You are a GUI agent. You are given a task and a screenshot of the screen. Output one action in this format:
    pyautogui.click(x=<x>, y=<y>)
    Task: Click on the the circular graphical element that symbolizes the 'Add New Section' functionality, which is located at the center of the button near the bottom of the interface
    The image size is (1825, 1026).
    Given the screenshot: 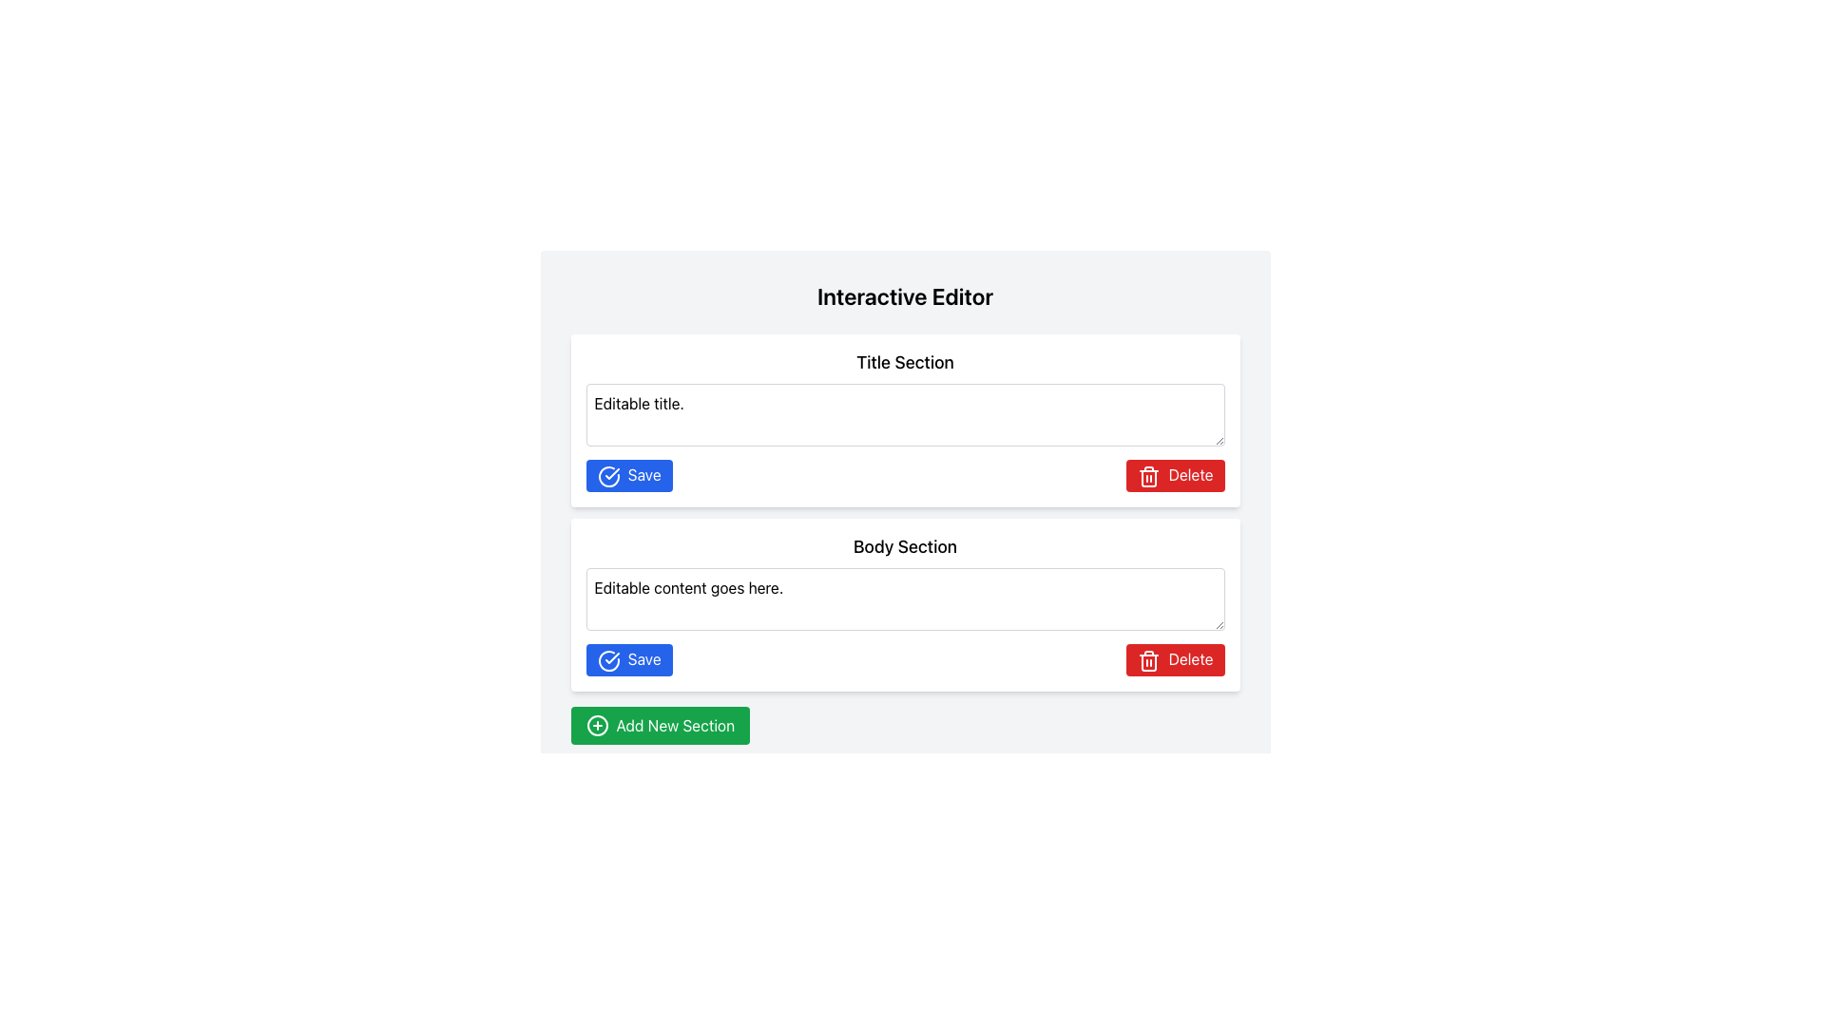 What is the action you would take?
    pyautogui.click(x=596, y=725)
    